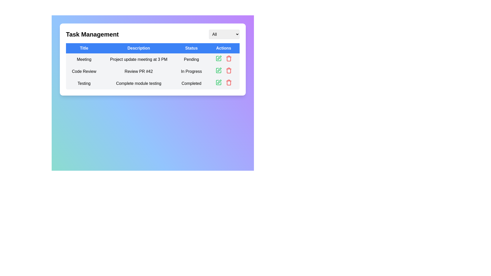 This screenshot has width=491, height=276. I want to click on the Static Text Label indicating the current workflow stage, which displays 'In Progress', located in the third column of the second row under the 'Status' header, so click(191, 71).